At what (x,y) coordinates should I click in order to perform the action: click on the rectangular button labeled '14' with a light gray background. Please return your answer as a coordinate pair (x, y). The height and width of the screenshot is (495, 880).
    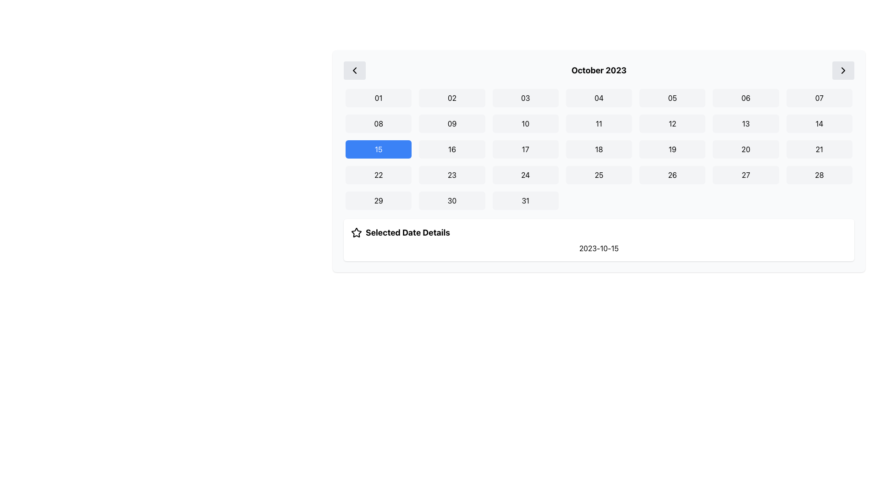
    Looking at the image, I should click on (819, 124).